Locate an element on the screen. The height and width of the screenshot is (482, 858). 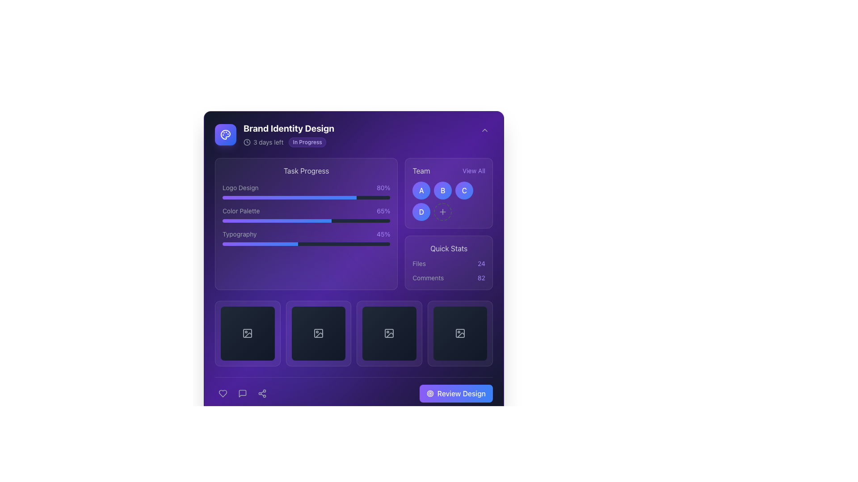
prominent header text 'Brand Identity Design' which is styled in bold, white, large font against a dark background, located at the top-left of the interface is located at coordinates (289, 129).